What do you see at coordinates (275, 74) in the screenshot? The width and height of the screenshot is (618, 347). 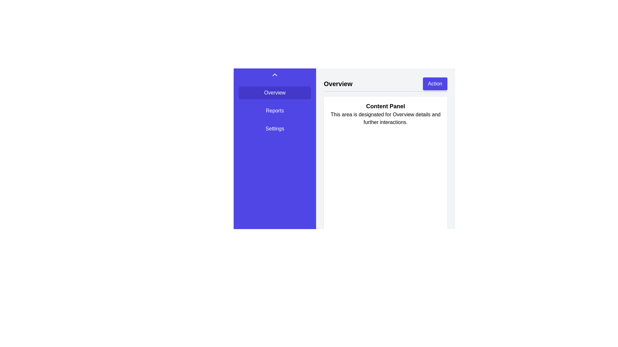 I see `the small upward-pointing chevron icon located at the top center of the purple navigation panel, which is styled in white against a solid purple background` at bounding box center [275, 74].